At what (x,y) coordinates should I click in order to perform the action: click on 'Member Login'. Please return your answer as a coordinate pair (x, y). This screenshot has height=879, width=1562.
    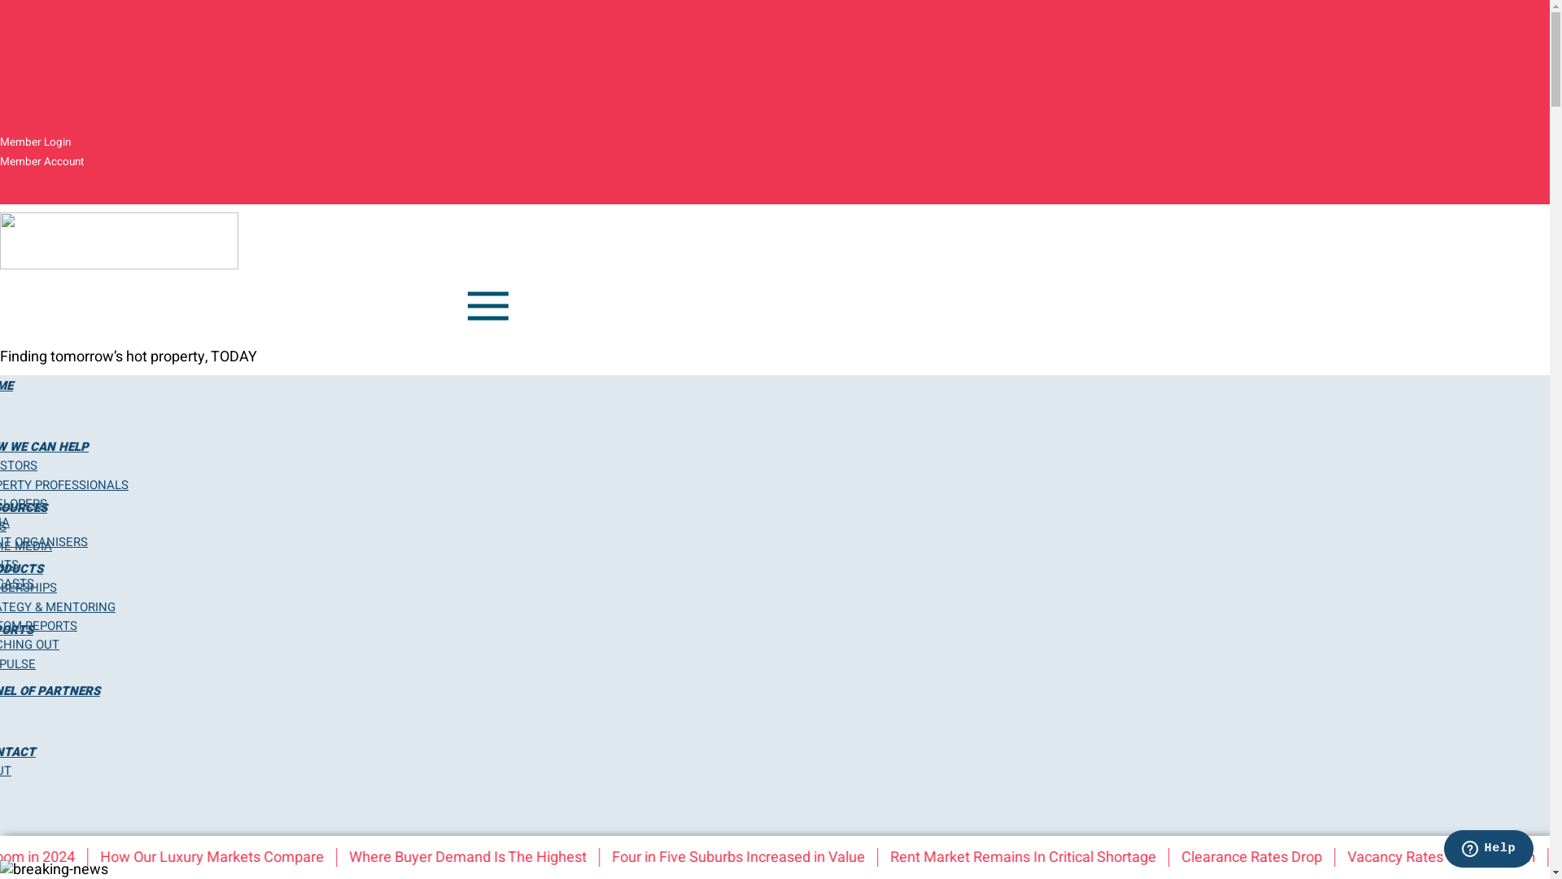
    Looking at the image, I should click on (35, 141).